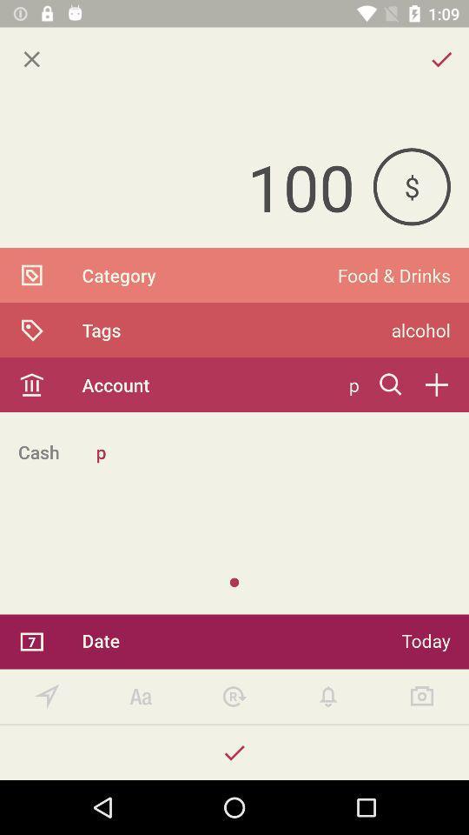 This screenshot has height=835, width=469. Describe the element at coordinates (328, 697) in the screenshot. I see `turn on notification` at that location.